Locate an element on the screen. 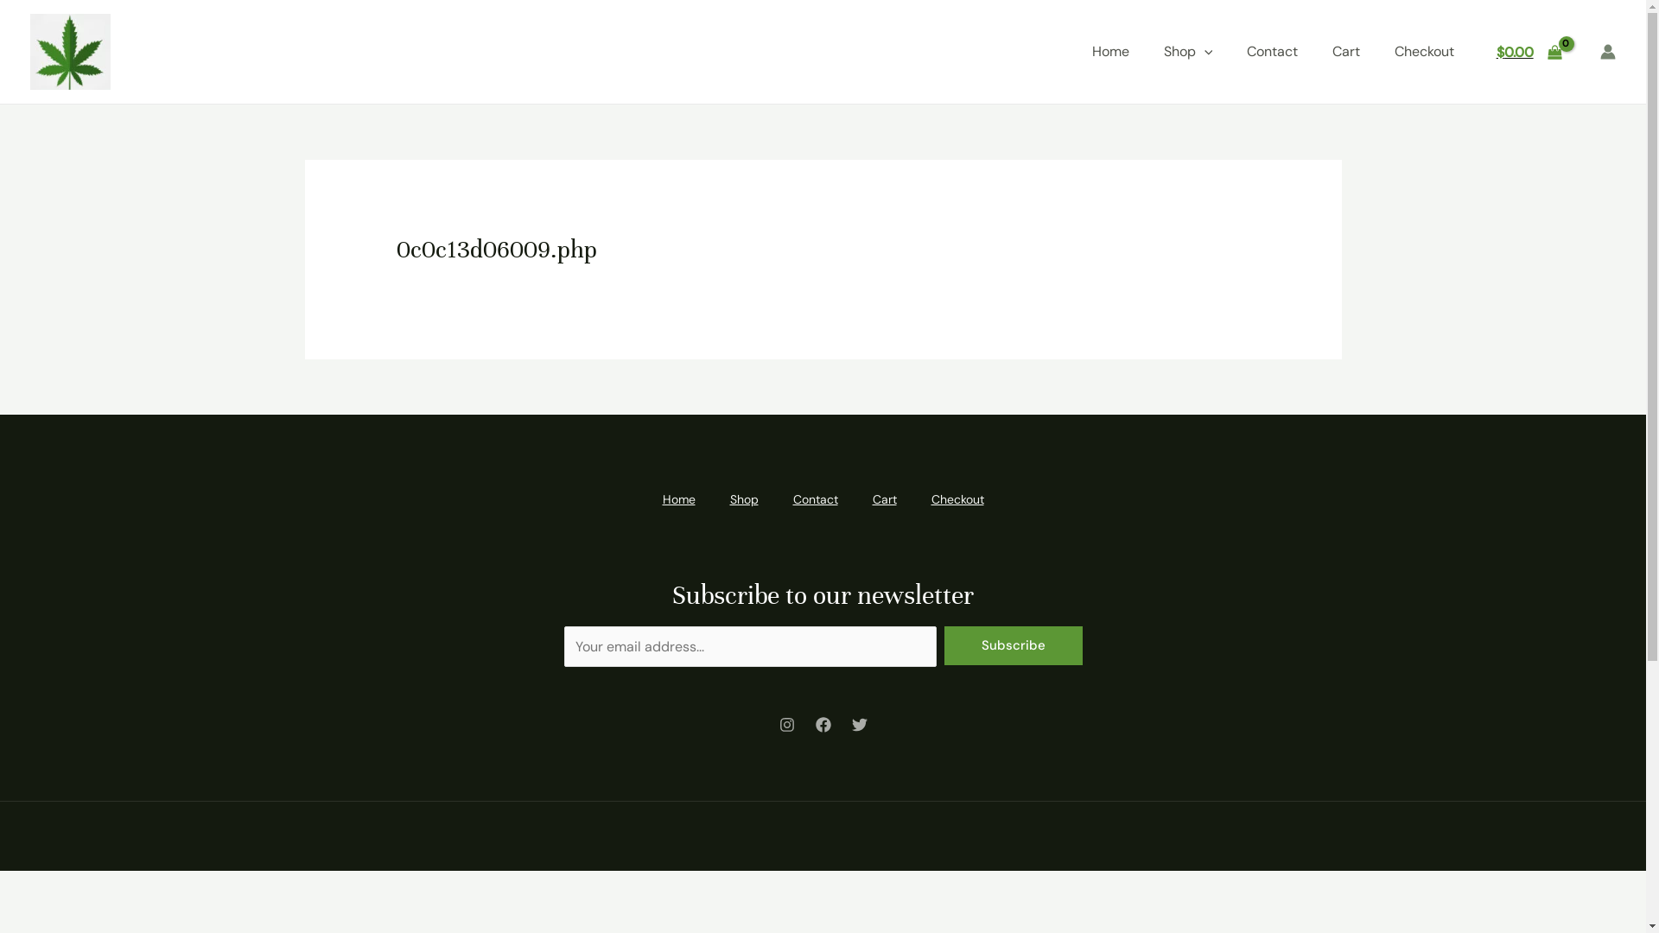 This screenshot has height=933, width=1659. 'Shop' is located at coordinates (743, 499).